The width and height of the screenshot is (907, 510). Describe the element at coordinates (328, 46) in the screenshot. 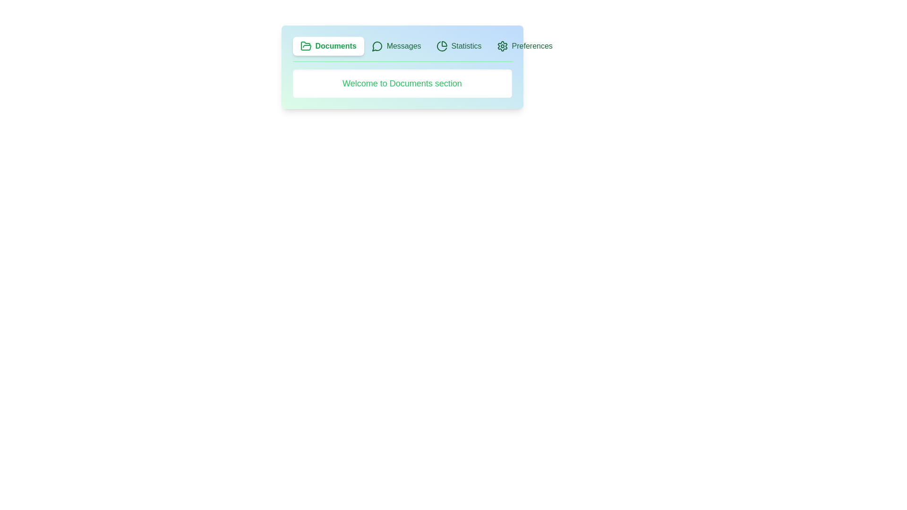

I see `the Documents tab by clicking on it` at that location.